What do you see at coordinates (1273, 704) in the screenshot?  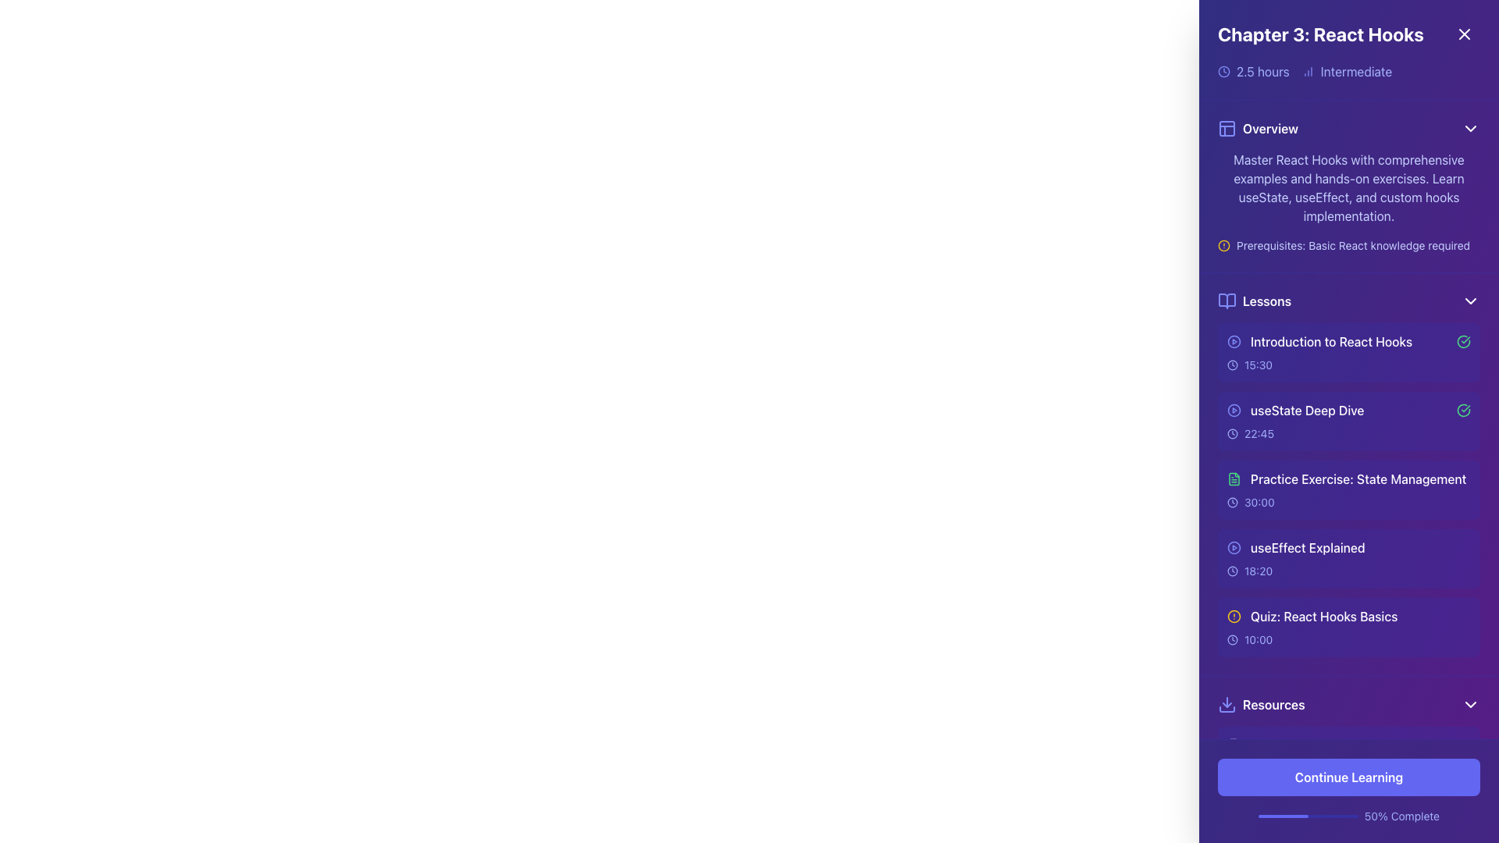 I see `the Text Label located at the bottom of a vertically-aligned list on the side panel, positioned to the right of a download icon` at bounding box center [1273, 704].